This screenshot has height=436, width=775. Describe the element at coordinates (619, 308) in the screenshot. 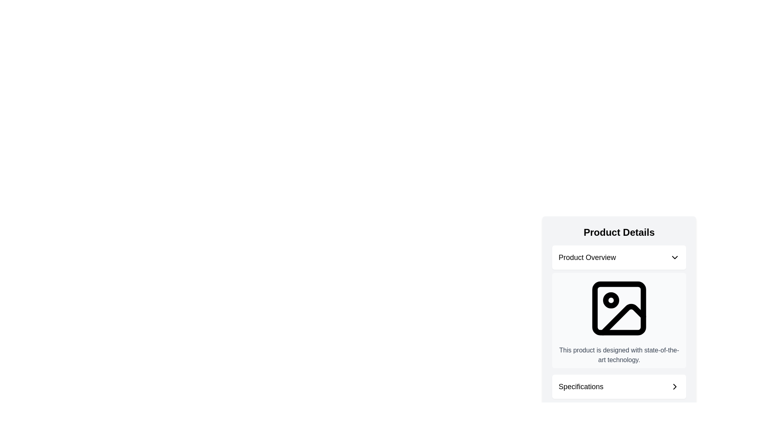

I see `the black outlined photograph icon located in the 'Product Overview' category of the 'Product Details' section` at that location.